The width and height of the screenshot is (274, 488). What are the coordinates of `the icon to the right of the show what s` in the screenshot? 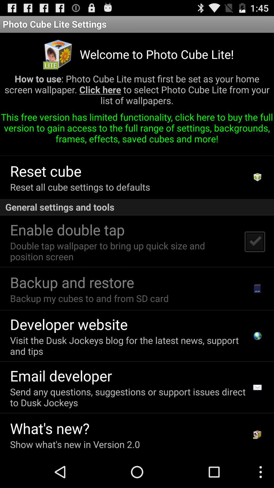 It's located at (257, 434).